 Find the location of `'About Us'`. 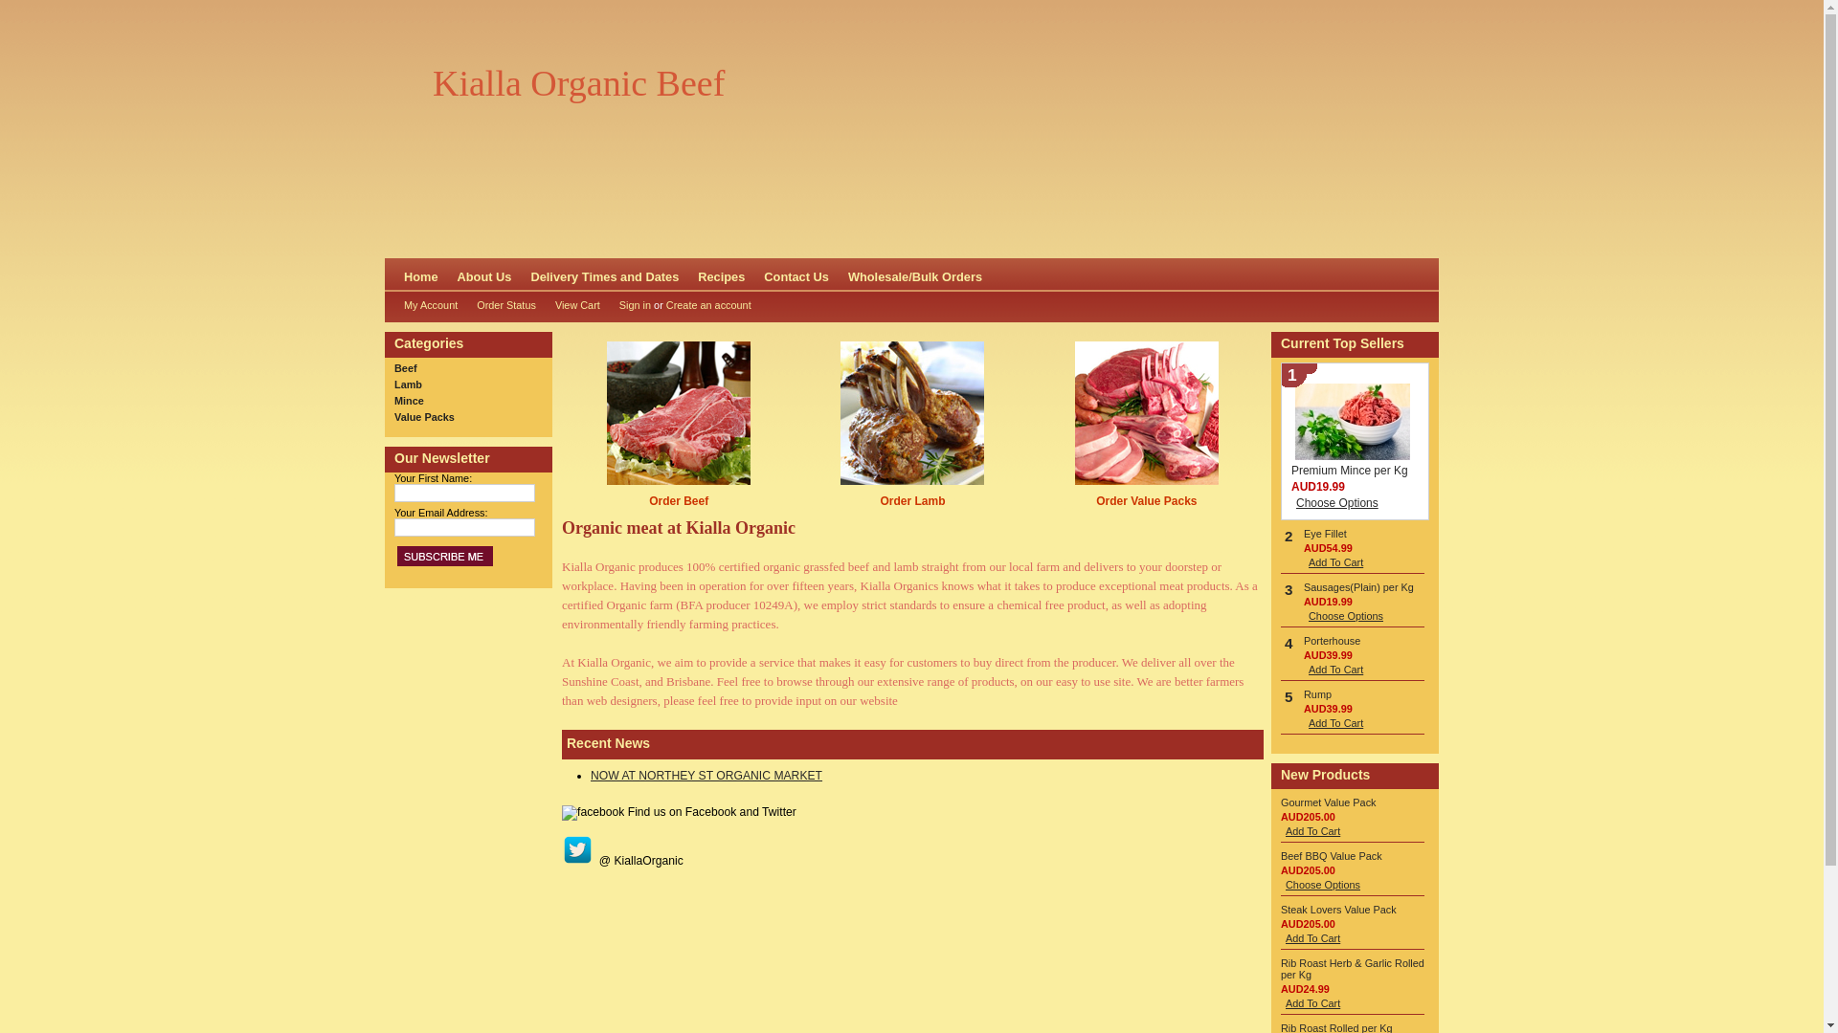

'About Us' is located at coordinates (484, 275).